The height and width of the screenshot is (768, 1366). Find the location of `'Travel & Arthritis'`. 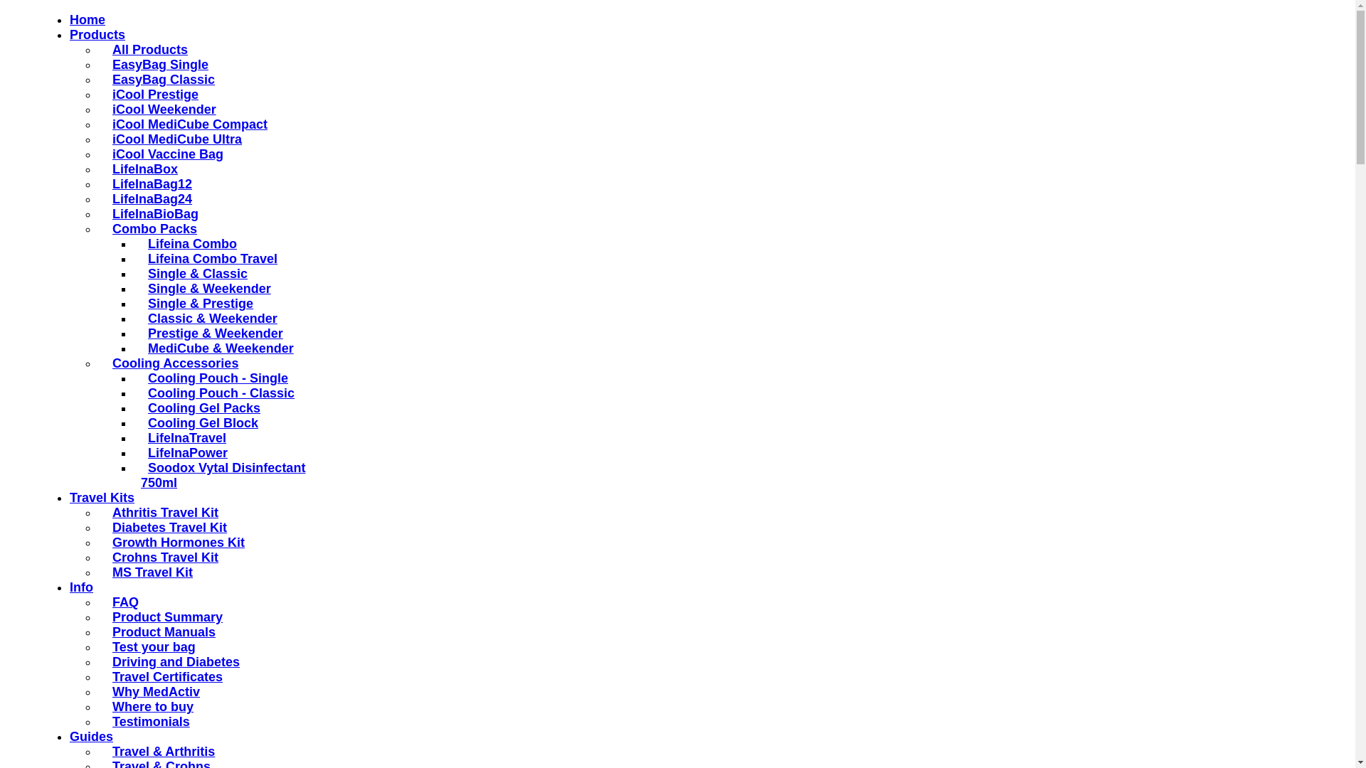

'Travel & Arthritis' is located at coordinates (160, 750).